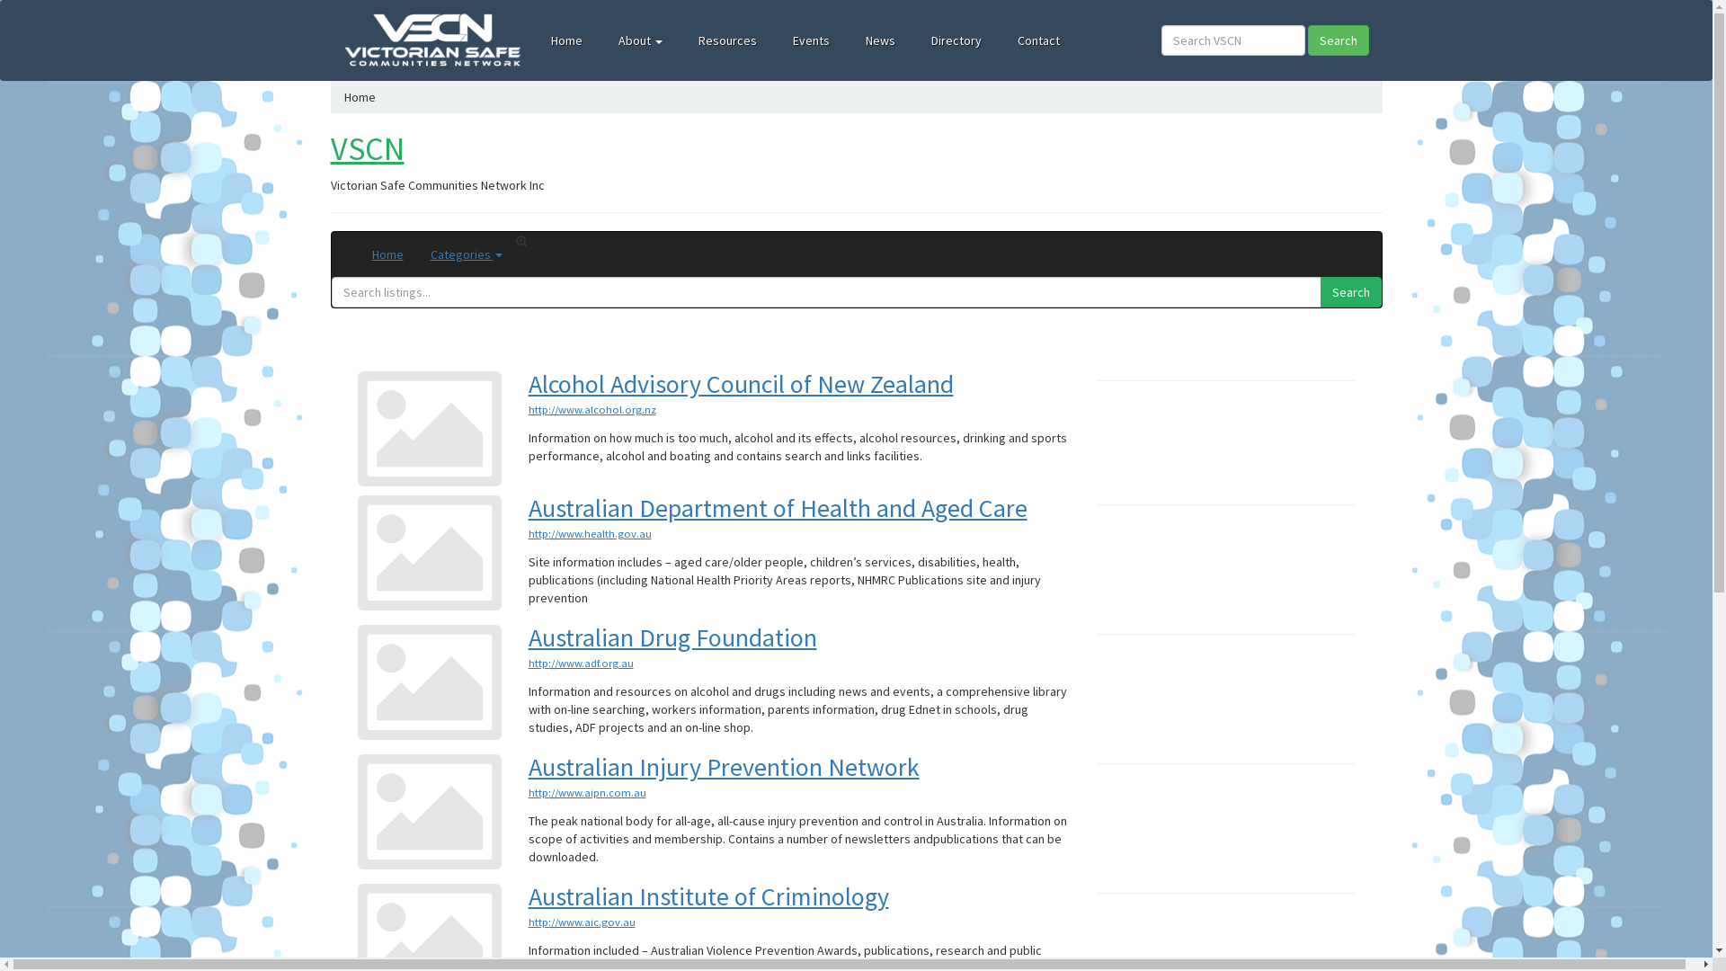 The height and width of the screenshot is (971, 1726). Describe the element at coordinates (999, 40) in the screenshot. I see `'Contact'` at that location.